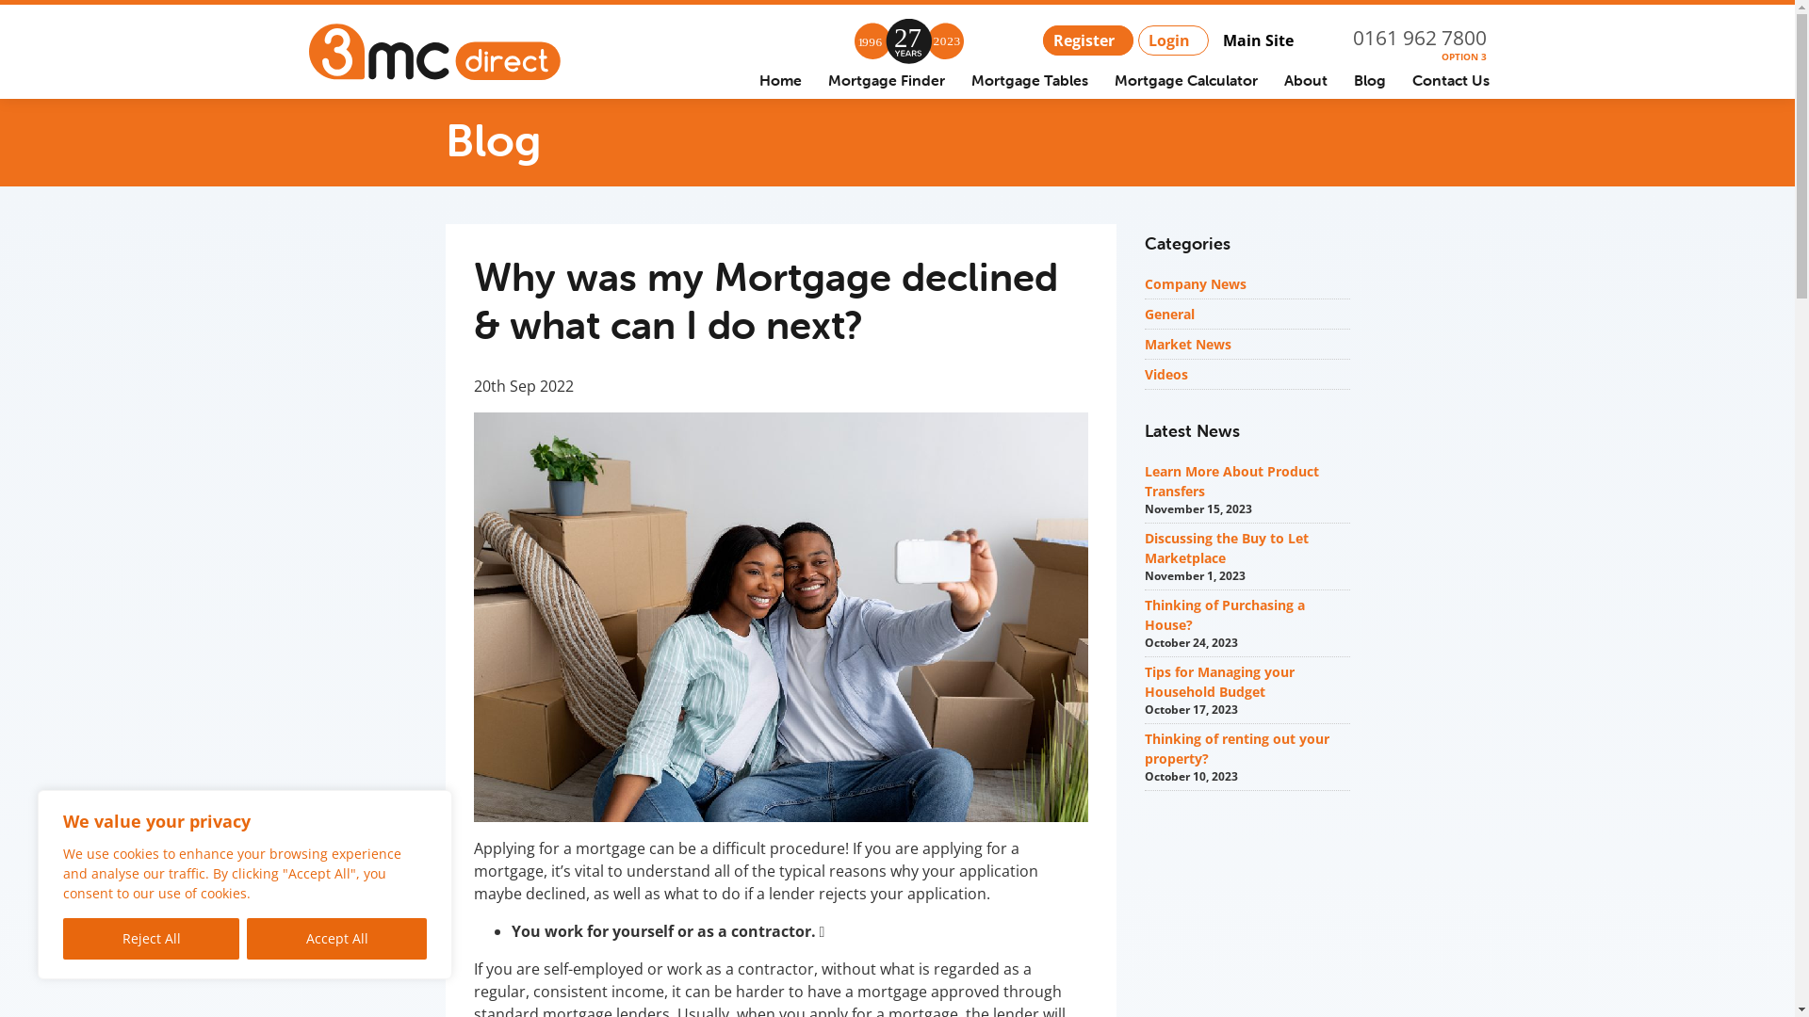 This screenshot has height=1017, width=1809. What do you see at coordinates (1183, 78) in the screenshot?
I see `'Mortgage Calculator'` at bounding box center [1183, 78].